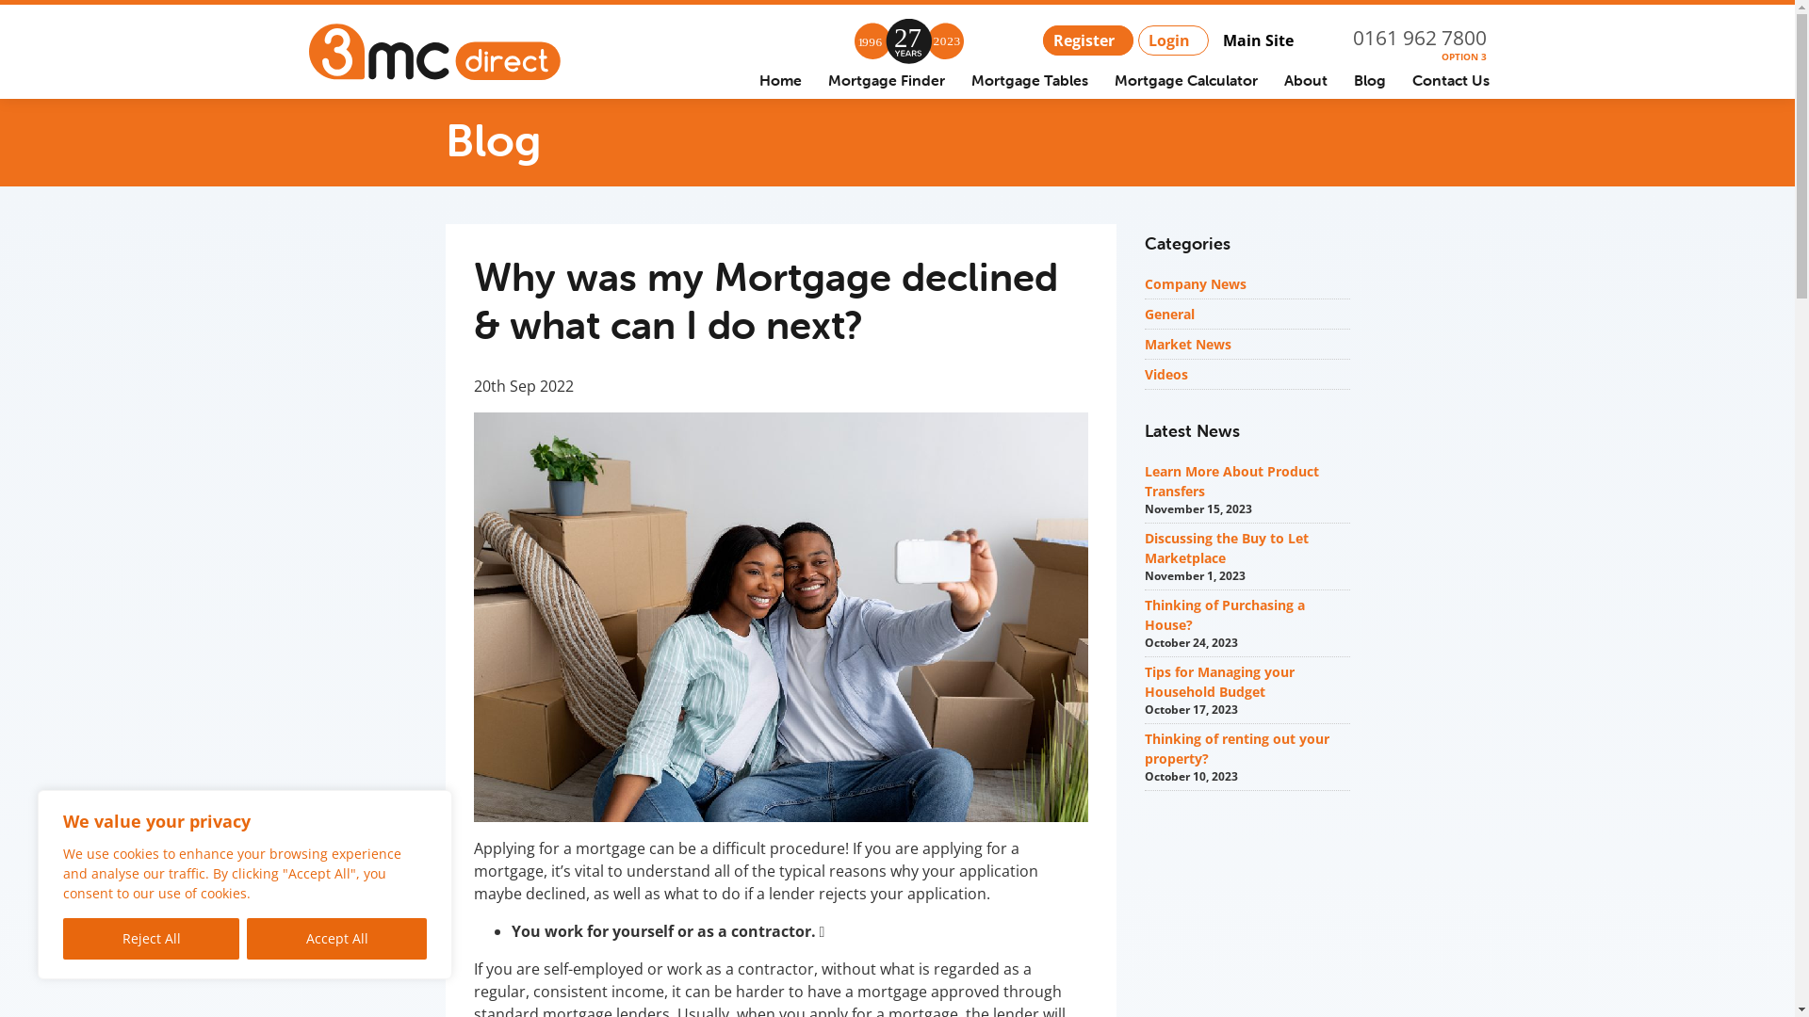 This screenshot has height=1017, width=1809. What do you see at coordinates (1183, 78) in the screenshot?
I see `'Mortgage Calculator'` at bounding box center [1183, 78].